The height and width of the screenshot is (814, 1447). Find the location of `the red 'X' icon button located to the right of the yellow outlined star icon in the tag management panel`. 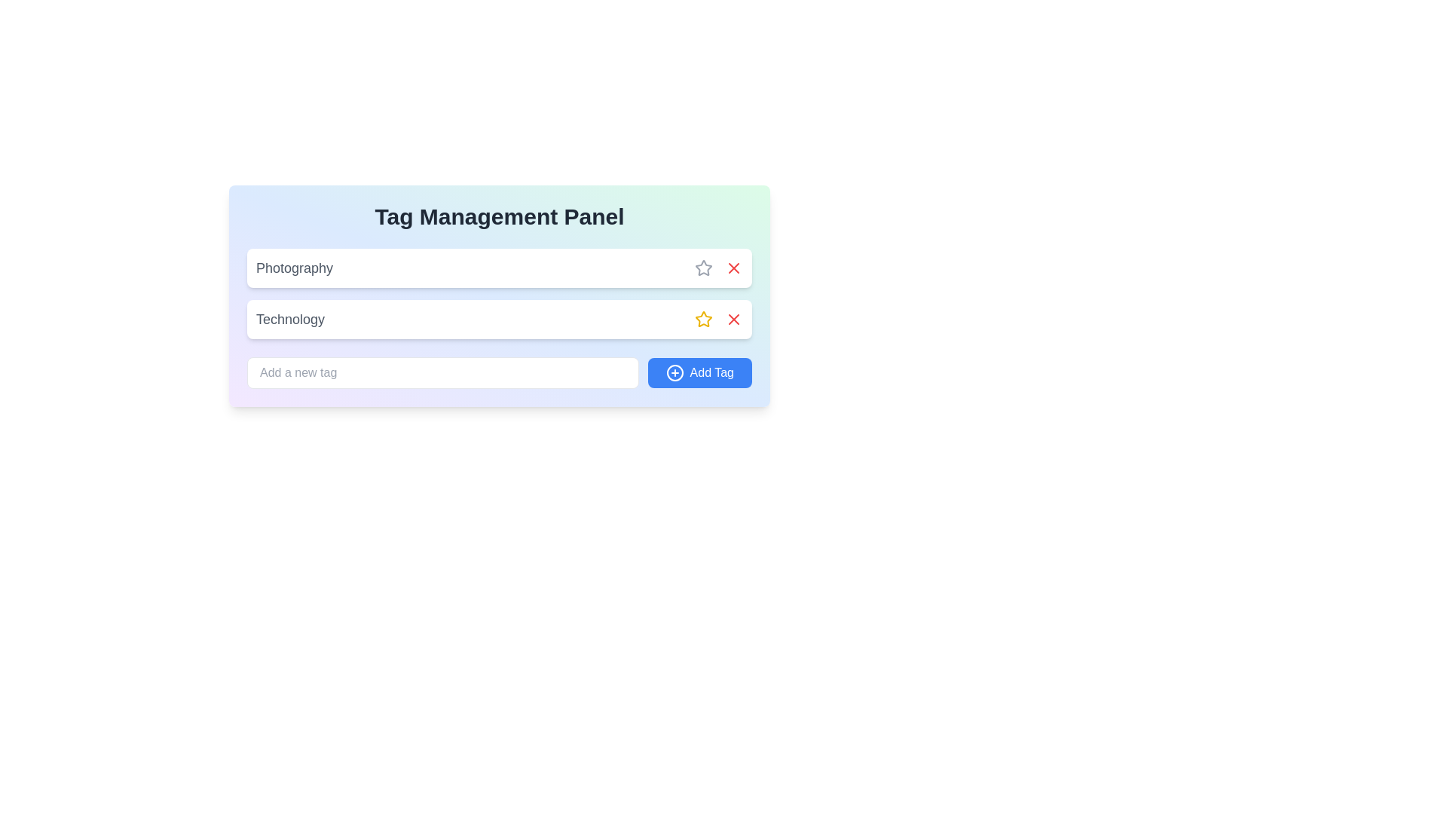

the red 'X' icon button located to the right of the yellow outlined star icon in the tag management panel is located at coordinates (718, 319).